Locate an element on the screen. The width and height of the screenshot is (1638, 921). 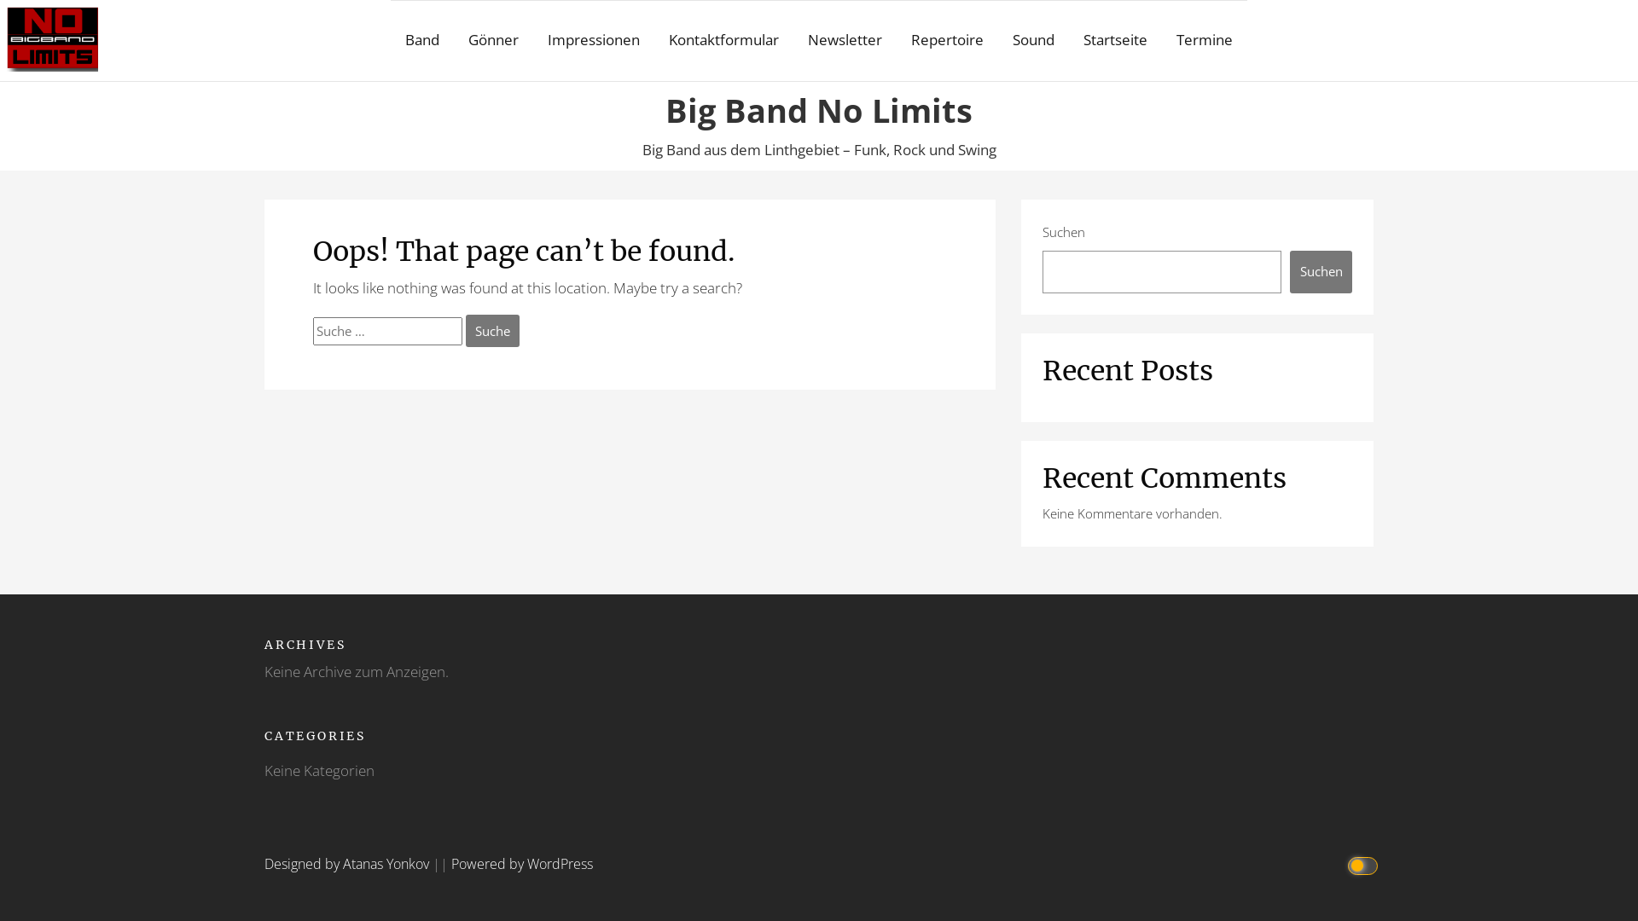
'Band' is located at coordinates (389, 39).